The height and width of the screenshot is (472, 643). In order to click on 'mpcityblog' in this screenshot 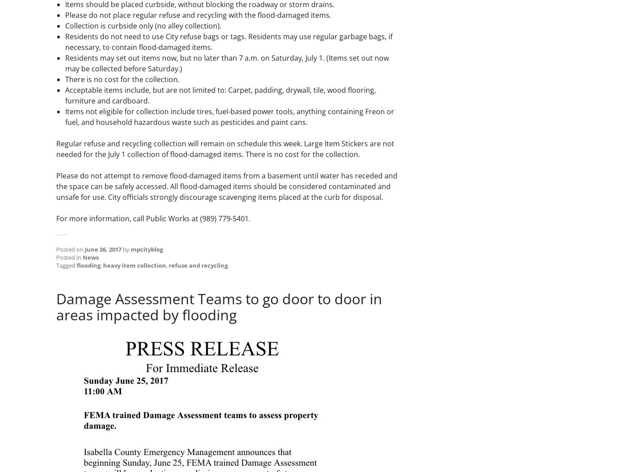, I will do `click(130, 249)`.